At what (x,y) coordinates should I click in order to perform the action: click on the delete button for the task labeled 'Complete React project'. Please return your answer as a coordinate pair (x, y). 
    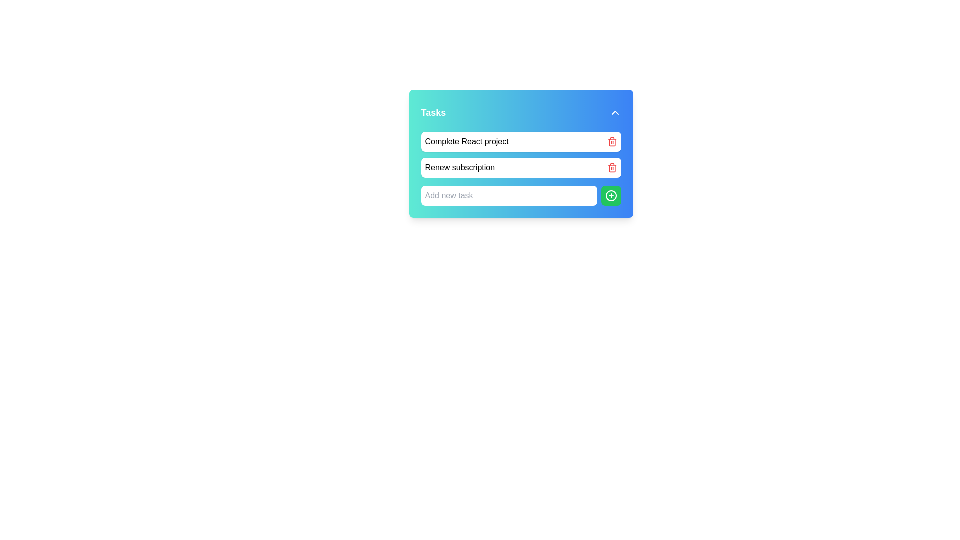
    Looking at the image, I should click on (611, 142).